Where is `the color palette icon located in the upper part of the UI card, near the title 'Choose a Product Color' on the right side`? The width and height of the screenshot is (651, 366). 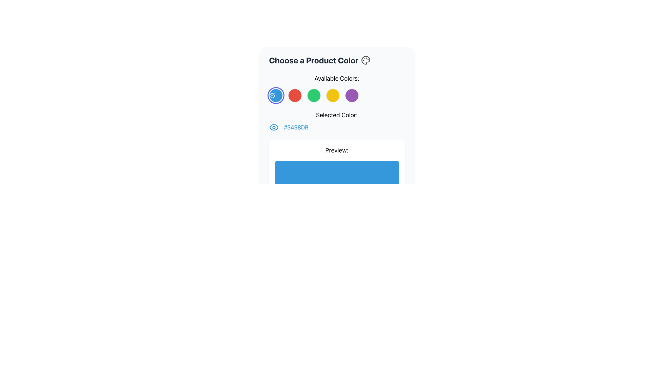 the color palette icon located in the upper part of the UI card, near the title 'Choose a Product Color' on the right side is located at coordinates (366, 60).